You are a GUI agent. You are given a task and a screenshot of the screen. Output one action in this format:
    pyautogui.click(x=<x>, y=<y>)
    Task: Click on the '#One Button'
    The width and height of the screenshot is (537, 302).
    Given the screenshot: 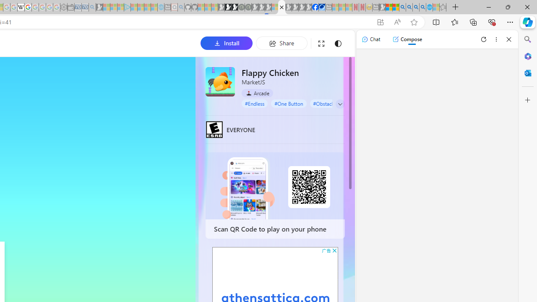 What is the action you would take?
    pyautogui.click(x=289, y=103)
    